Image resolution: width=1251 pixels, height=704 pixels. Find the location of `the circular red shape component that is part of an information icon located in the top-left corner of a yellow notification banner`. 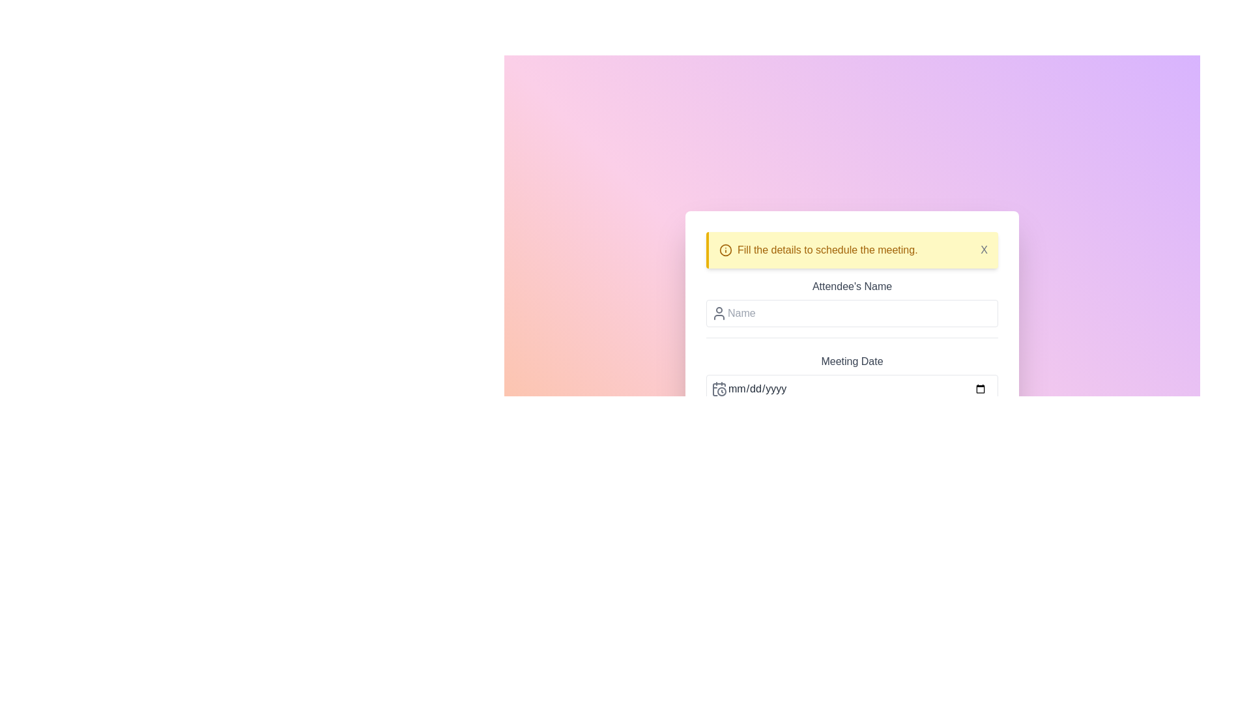

the circular red shape component that is part of an information icon located in the top-left corner of a yellow notification banner is located at coordinates (725, 250).